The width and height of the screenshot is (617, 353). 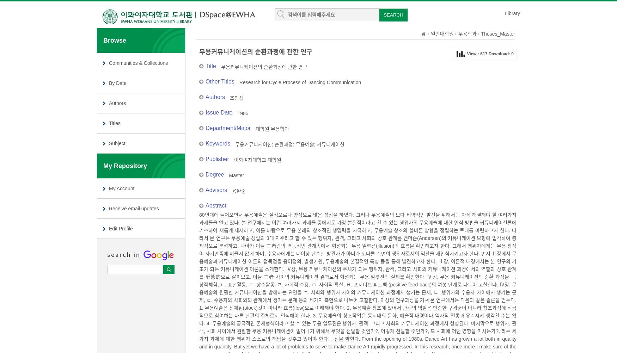 I want to click on 'Titles', so click(x=114, y=123).